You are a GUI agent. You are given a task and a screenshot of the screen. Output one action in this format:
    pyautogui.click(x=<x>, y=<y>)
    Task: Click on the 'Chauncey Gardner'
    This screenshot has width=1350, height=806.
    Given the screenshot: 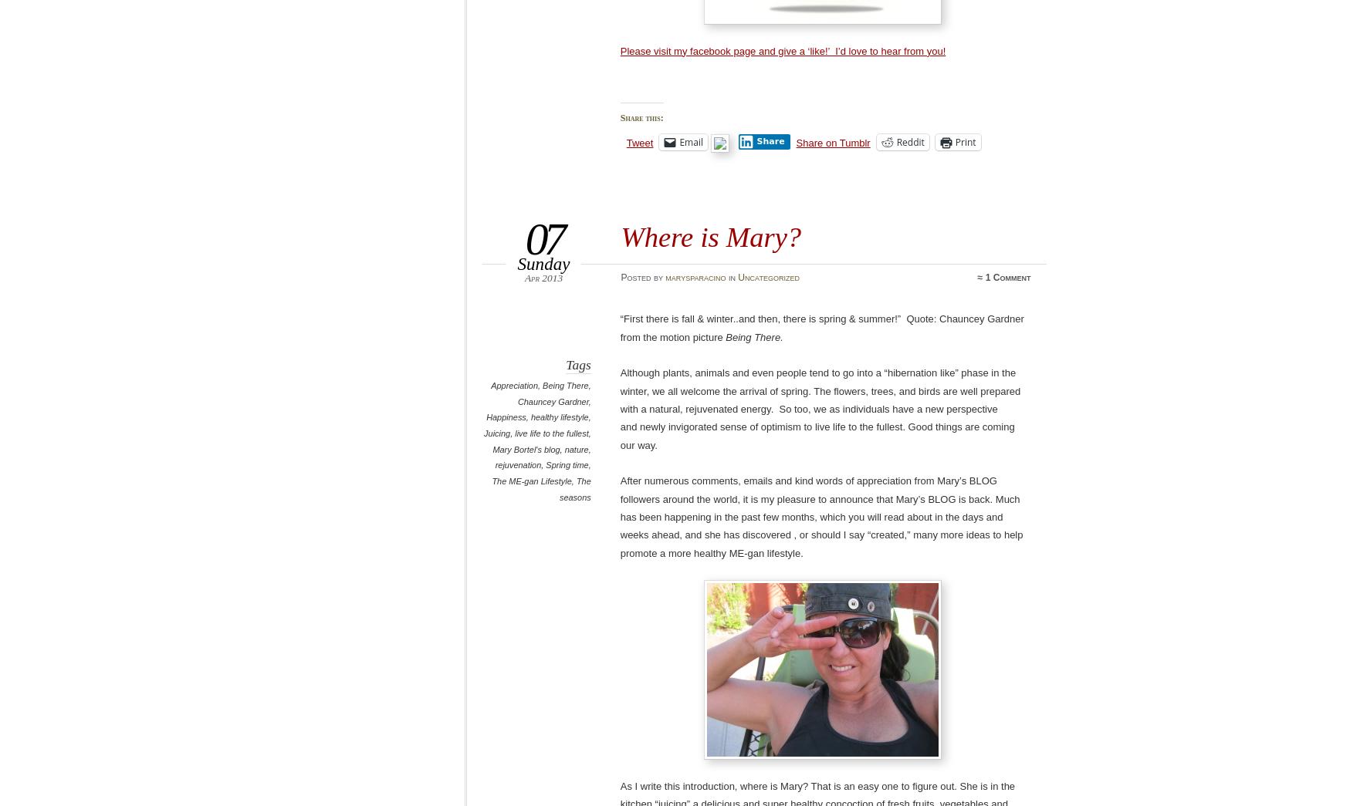 What is the action you would take?
    pyautogui.click(x=552, y=400)
    